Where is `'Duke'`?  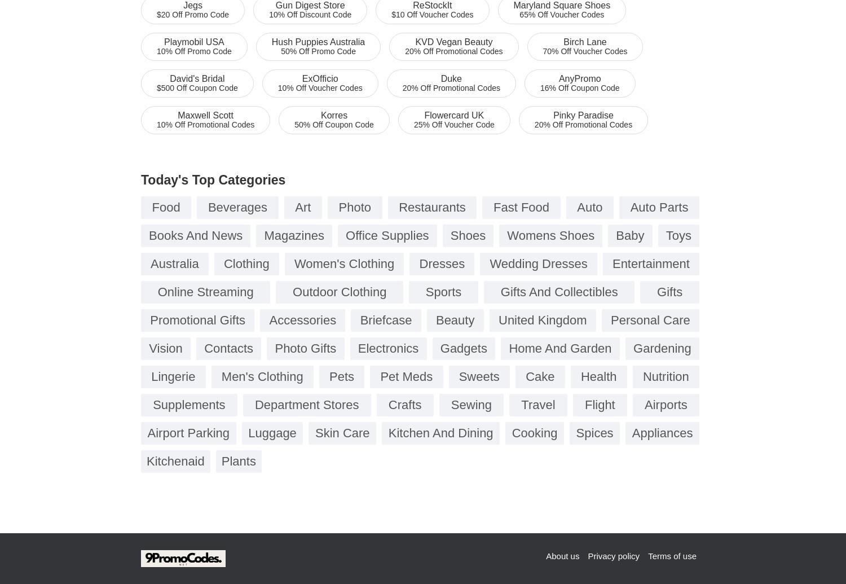 'Duke' is located at coordinates (451, 78).